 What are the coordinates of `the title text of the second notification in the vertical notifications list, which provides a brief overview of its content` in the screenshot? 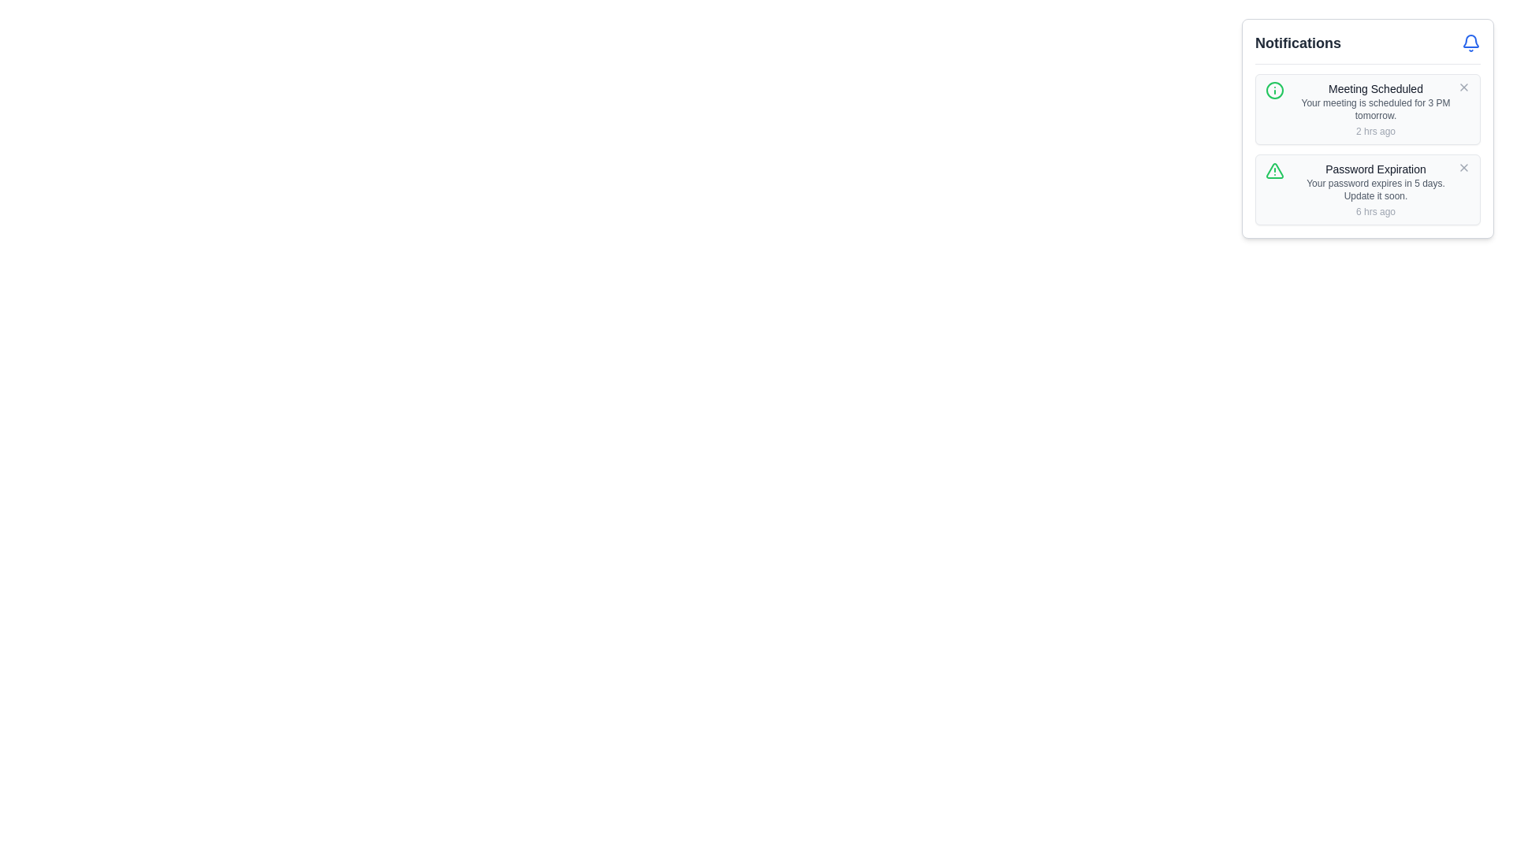 It's located at (1375, 169).